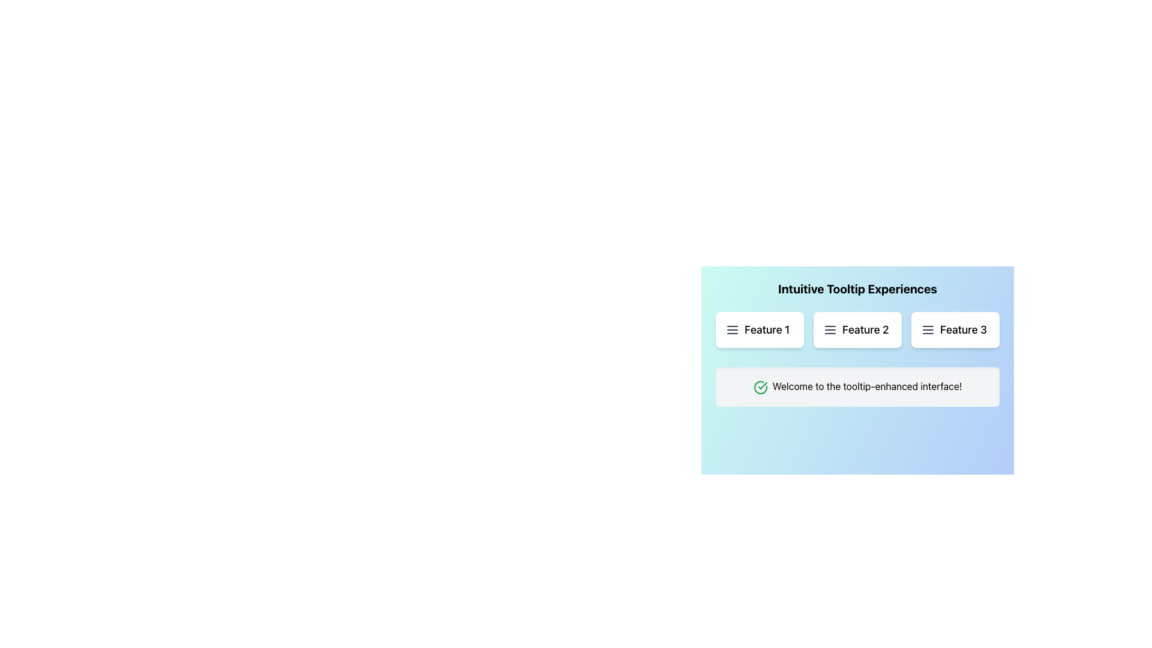  What do you see at coordinates (759, 330) in the screenshot?
I see `the first button labeled 'Feature 1'` at bounding box center [759, 330].